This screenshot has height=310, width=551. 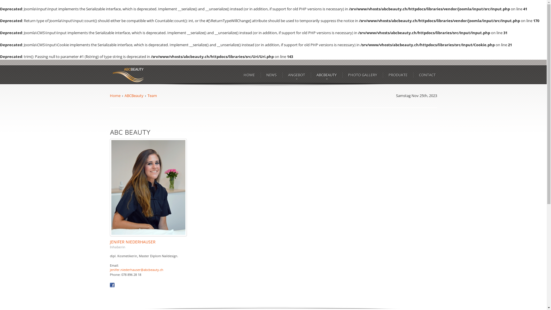 I want to click on 'Click to return to Homepage of Your Website', so click(x=128, y=75).